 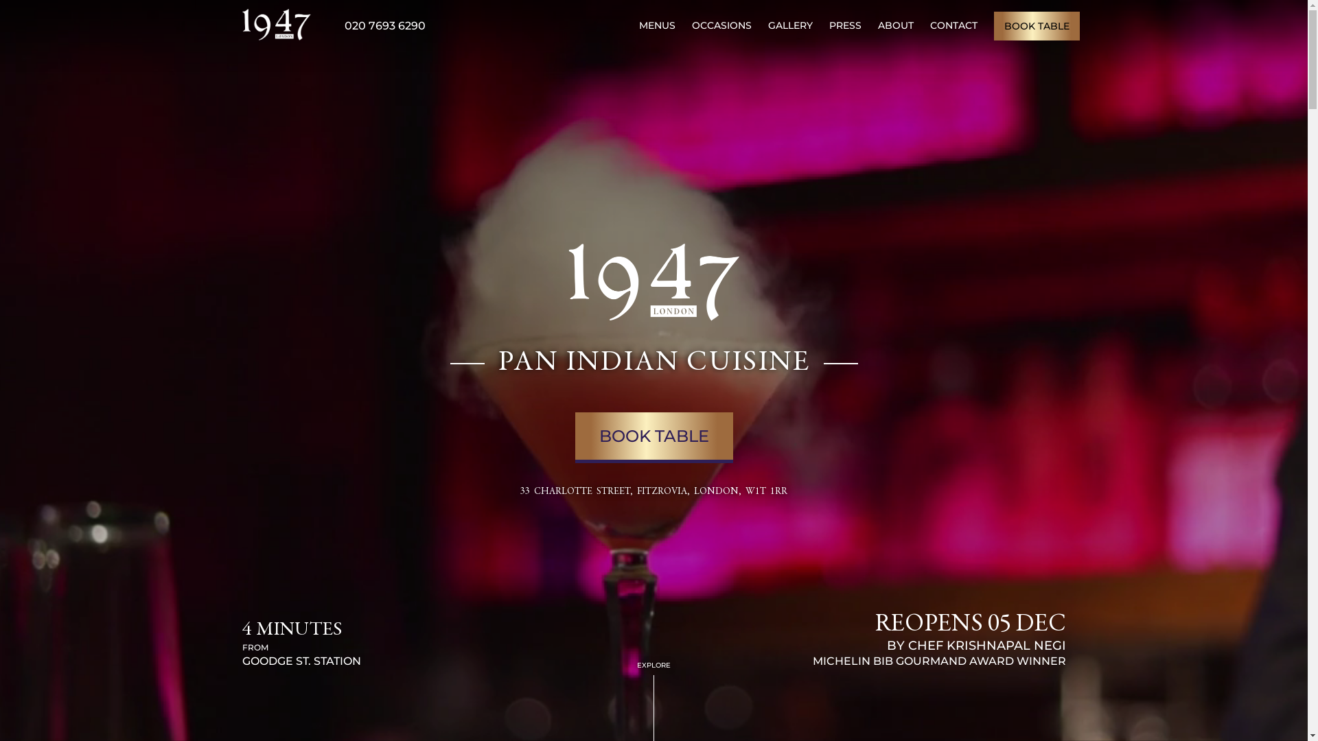 I want to click on 'PRESS', so click(x=844, y=25).